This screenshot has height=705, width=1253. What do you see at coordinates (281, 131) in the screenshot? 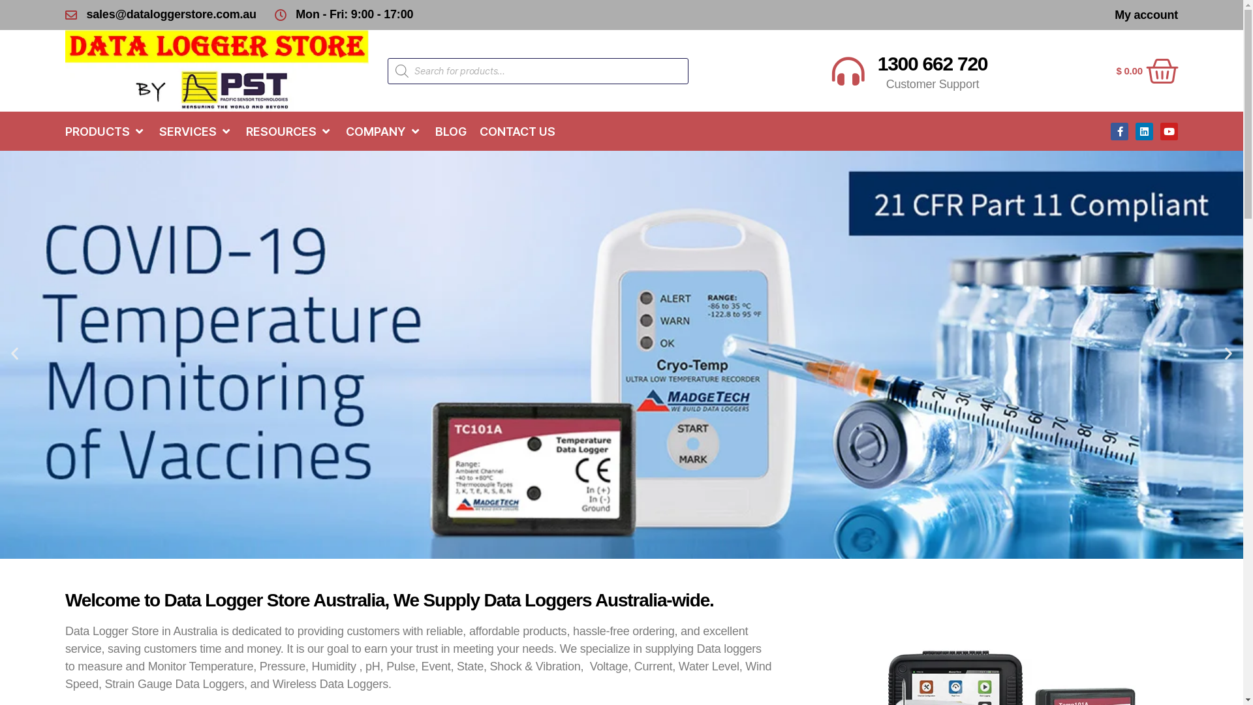
I see `'RESOURCES'` at bounding box center [281, 131].